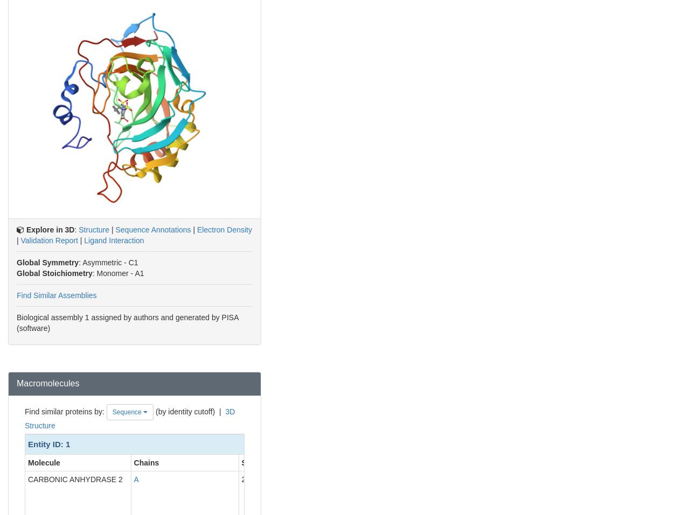  Describe the element at coordinates (570, 462) in the screenshot. I see `'Image'` at that location.